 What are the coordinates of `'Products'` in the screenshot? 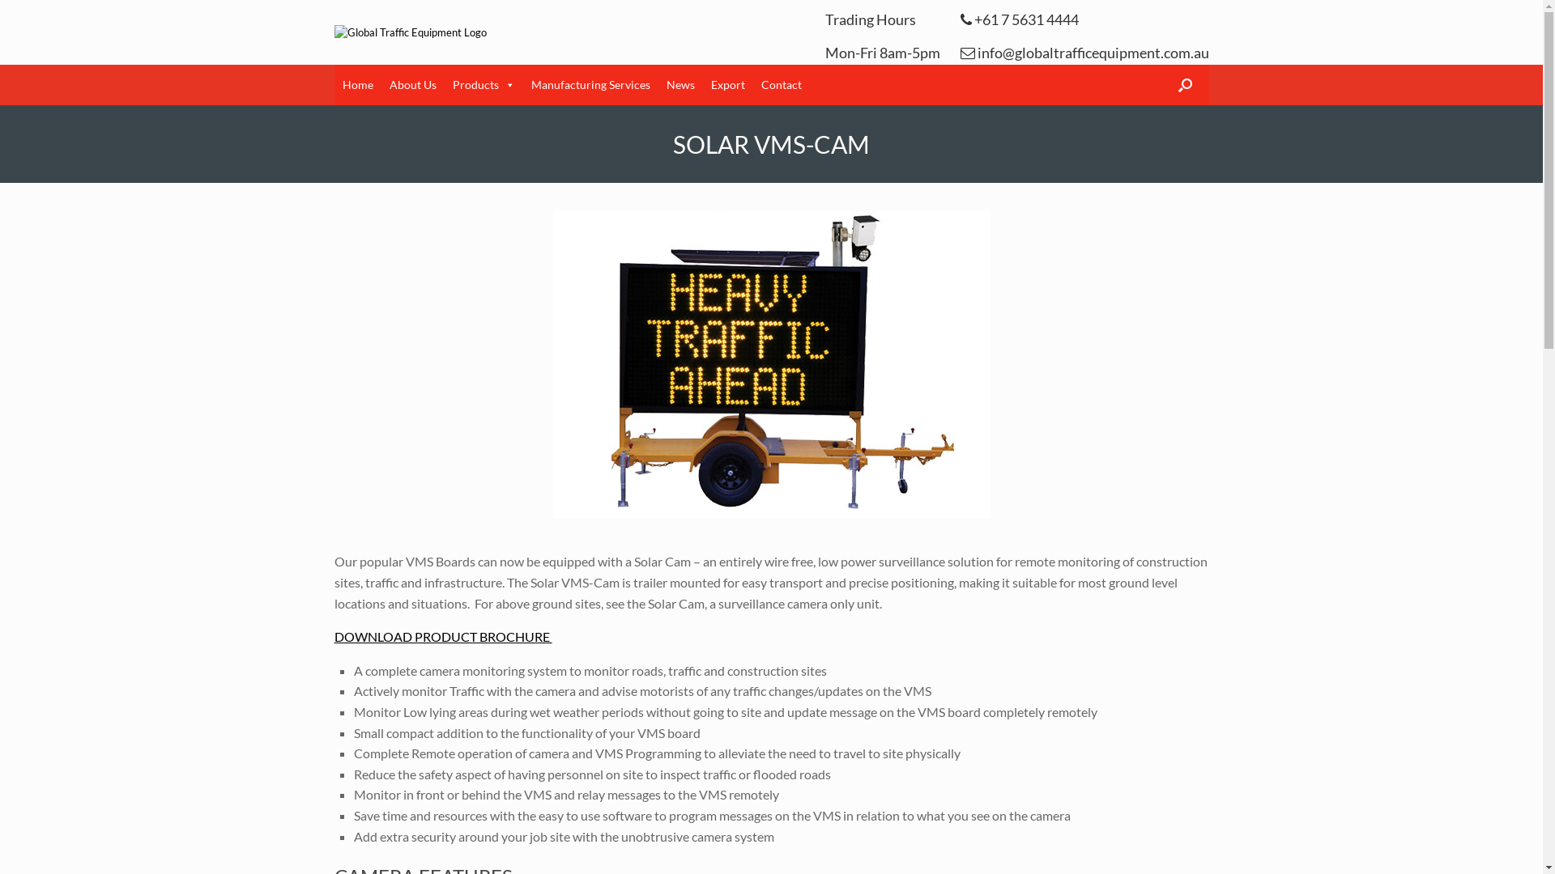 It's located at (482, 84).